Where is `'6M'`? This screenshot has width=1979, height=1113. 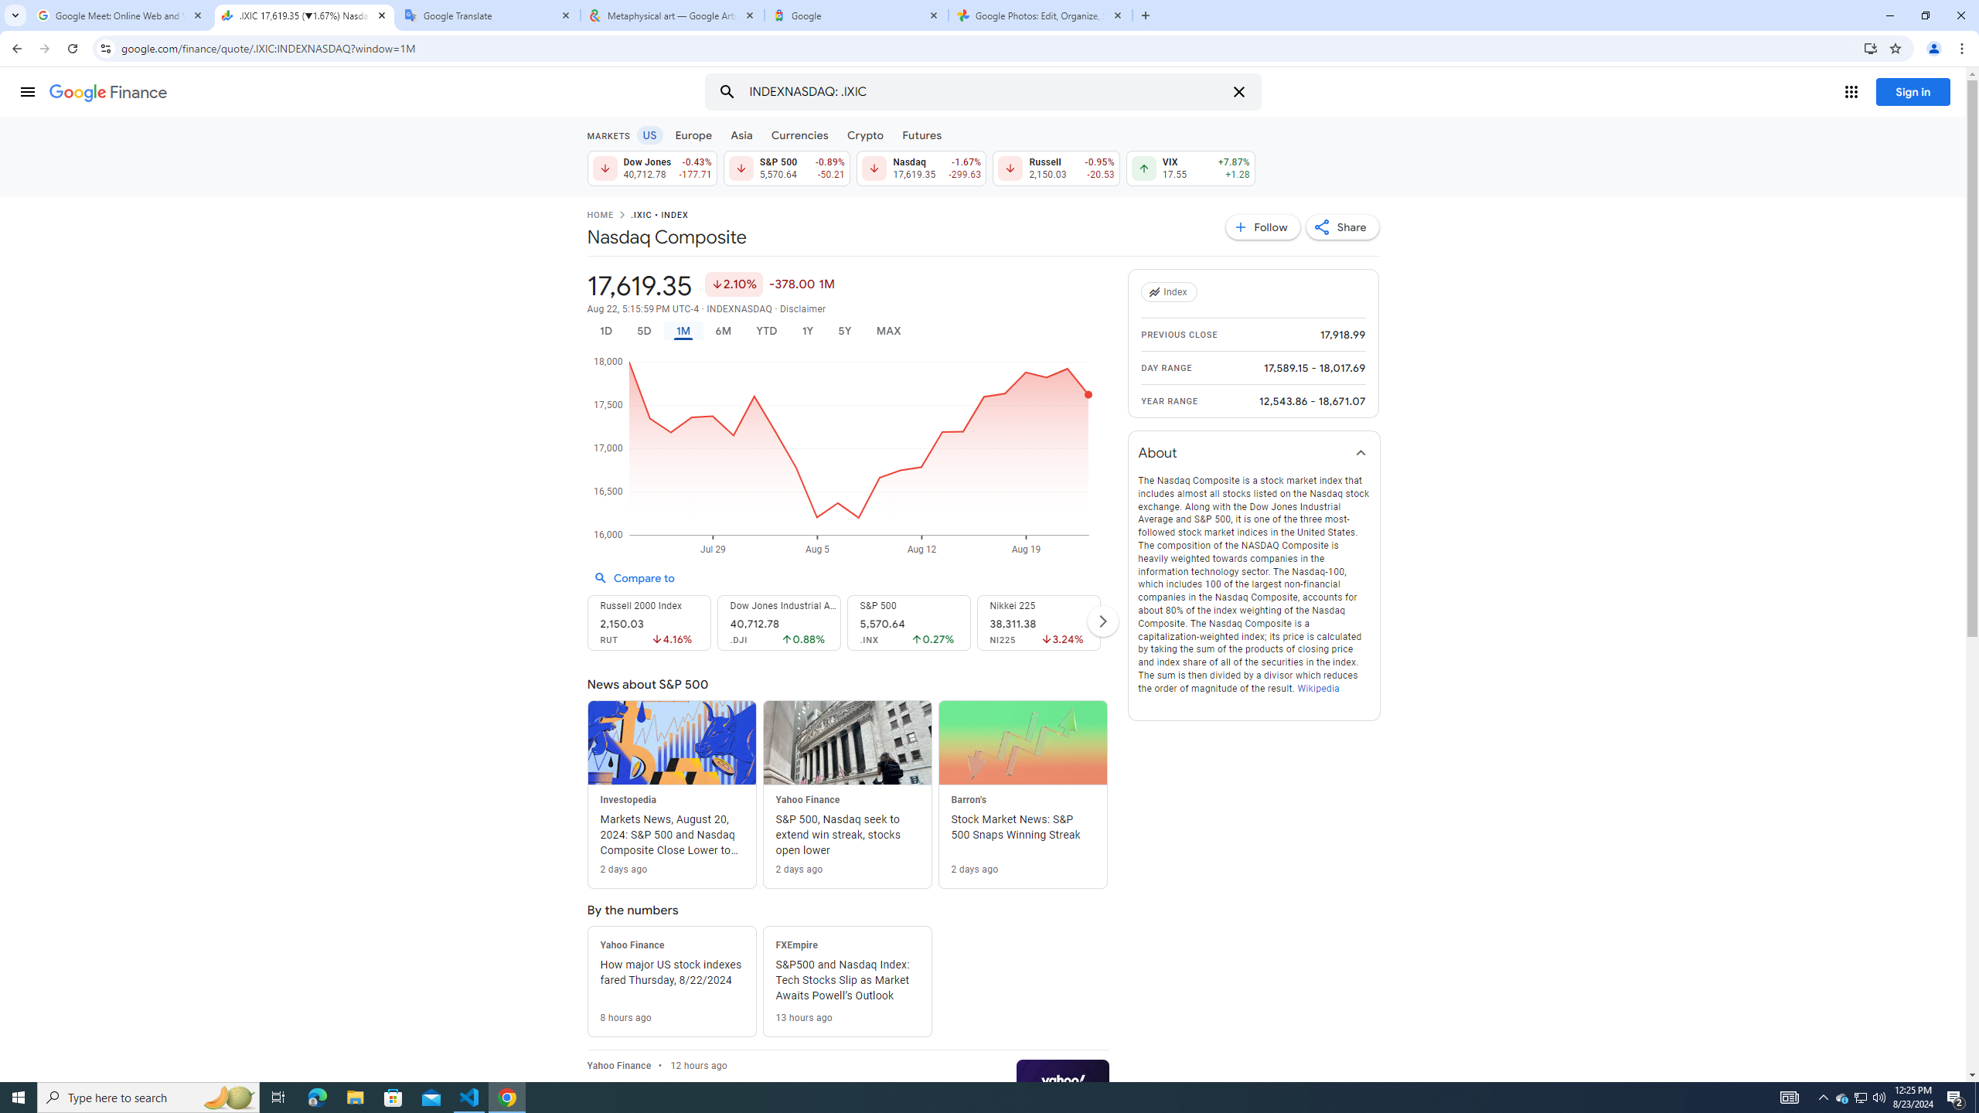
'6M' is located at coordinates (722, 331).